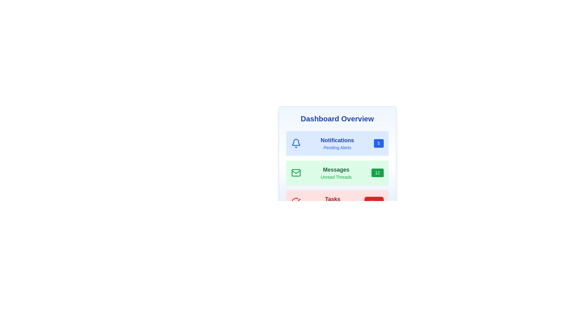 This screenshot has width=588, height=331. What do you see at coordinates (337, 143) in the screenshot?
I see `the section title Text block located within a rectangular blue background card, positioned near the top of the dashboard's main view, right of the bell icon and above a badge with the number '5'` at bounding box center [337, 143].